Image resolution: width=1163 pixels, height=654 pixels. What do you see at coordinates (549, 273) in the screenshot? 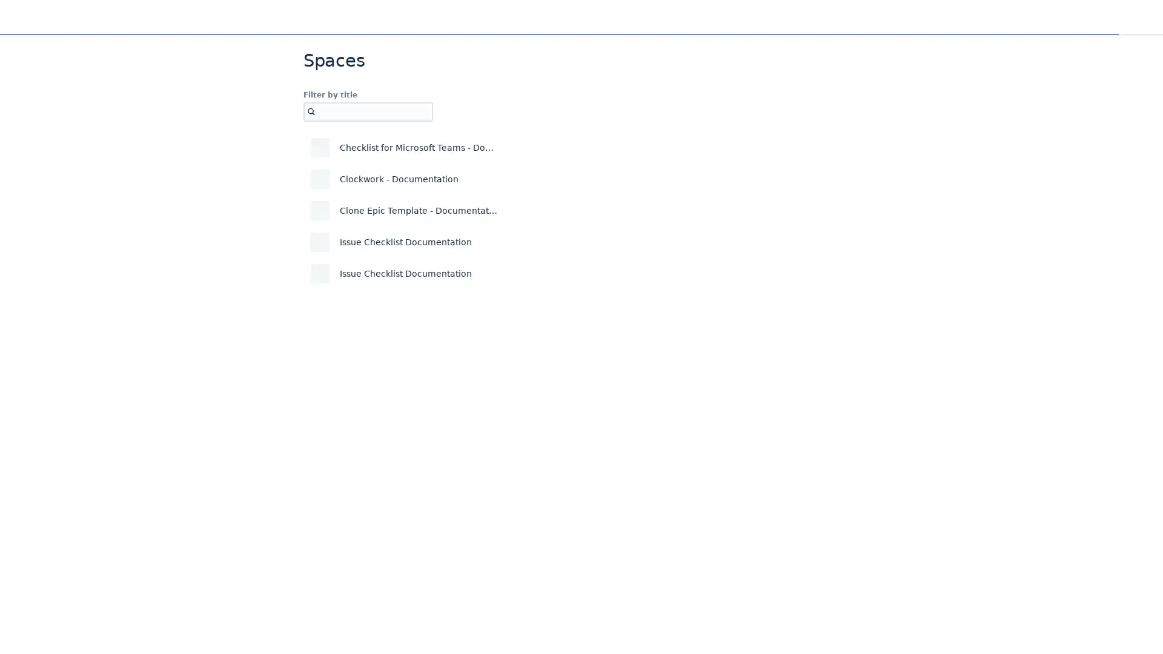
I see `documentation` at bounding box center [549, 273].